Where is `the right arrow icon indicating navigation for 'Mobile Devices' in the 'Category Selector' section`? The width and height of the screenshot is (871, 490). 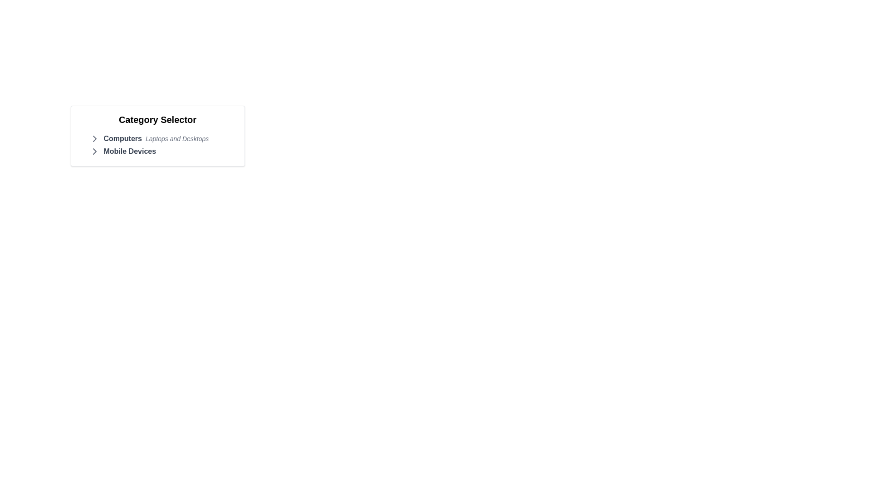
the right arrow icon indicating navigation for 'Mobile Devices' in the 'Category Selector' section is located at coordinates (94, 151).